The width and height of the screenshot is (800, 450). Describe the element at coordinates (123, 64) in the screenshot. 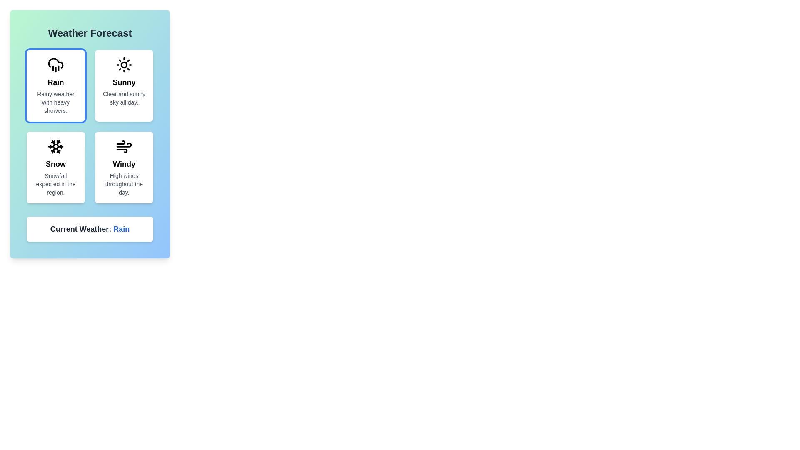

I see `the sunny weather icon located at the top-center of the 'Sunny' weather option in the weather forecast UI` at that location.